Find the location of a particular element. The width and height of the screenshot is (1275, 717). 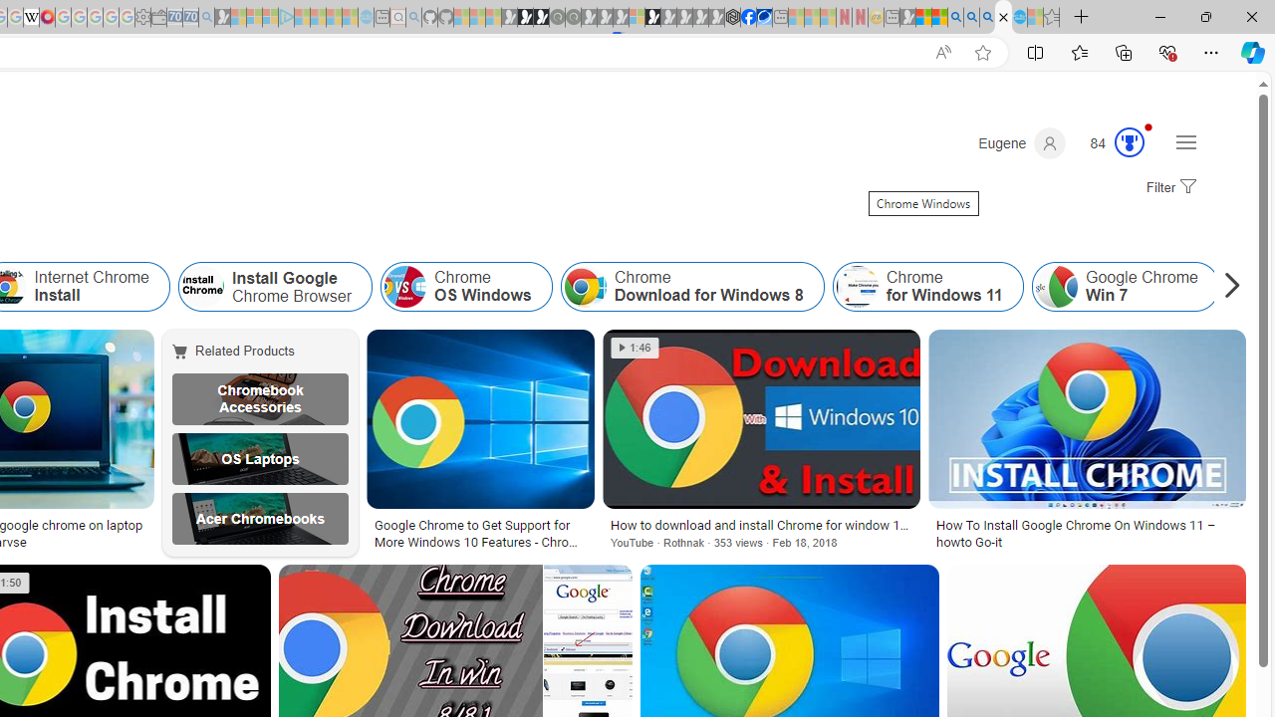

'Chromebook Accessories' is located at coordinates (259, 399).